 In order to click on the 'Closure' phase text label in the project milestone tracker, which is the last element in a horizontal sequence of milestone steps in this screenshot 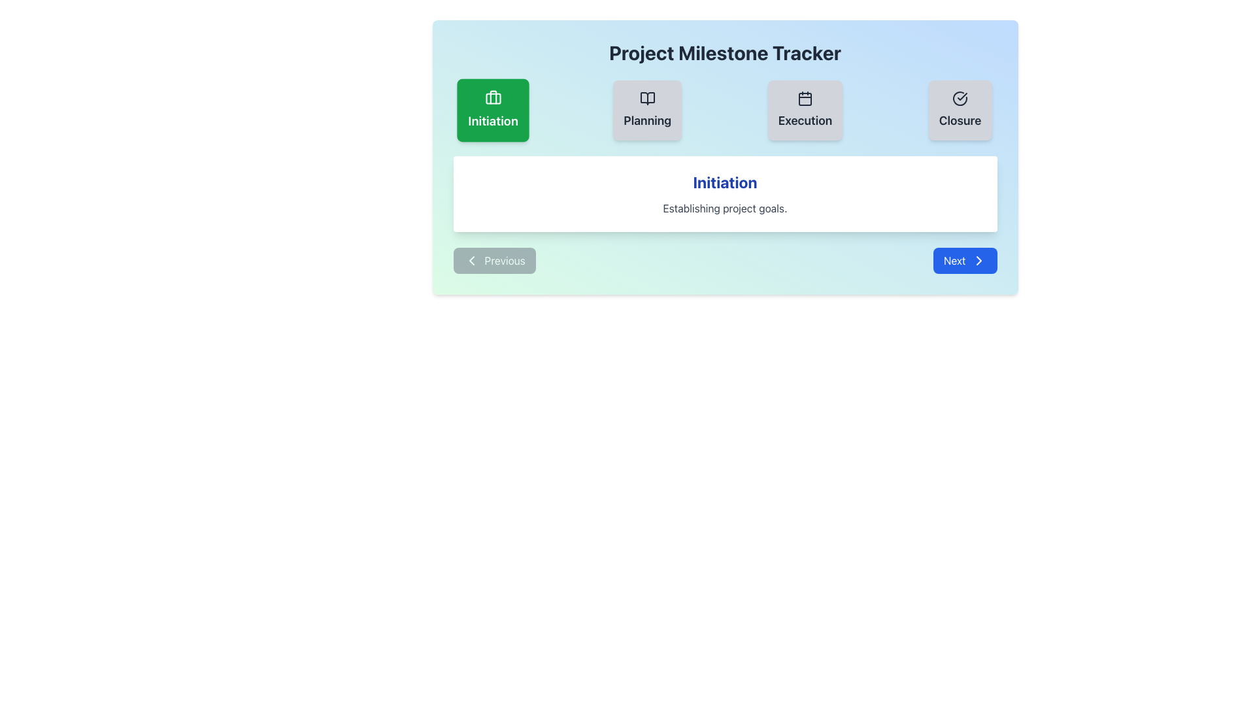, I will do `click(960, 121)`.